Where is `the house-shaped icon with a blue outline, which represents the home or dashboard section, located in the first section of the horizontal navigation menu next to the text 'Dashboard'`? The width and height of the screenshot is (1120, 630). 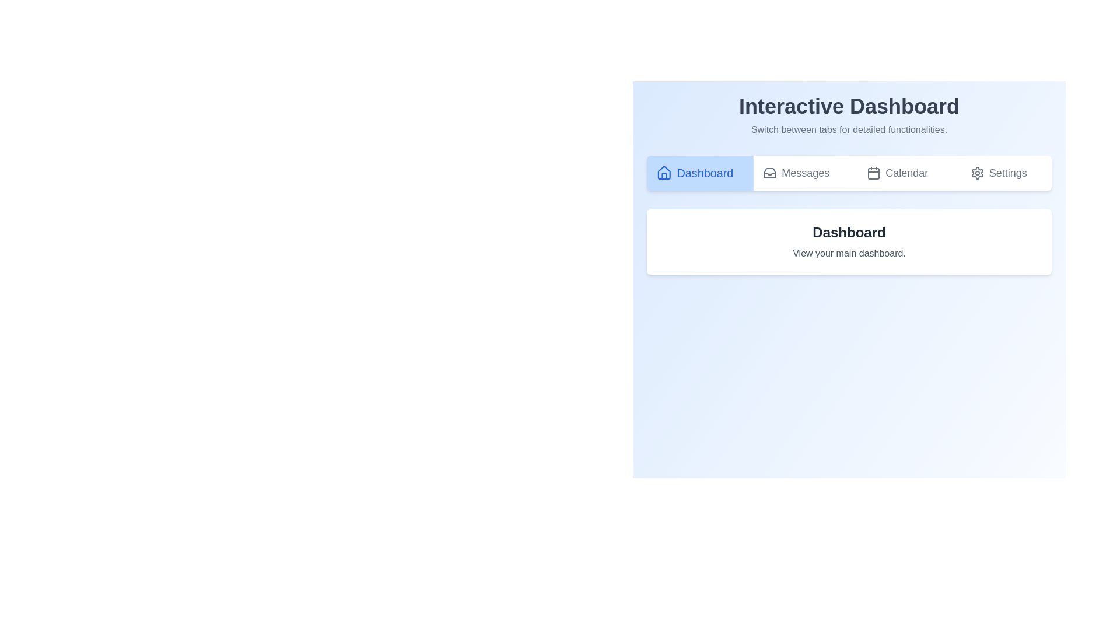 the house-shaped icon with a blue outline, which represents the home or dashboard section, located in the first section of the horizontal navigation menu next to the text 'Dashboard' is located at coordinates (664, 173).